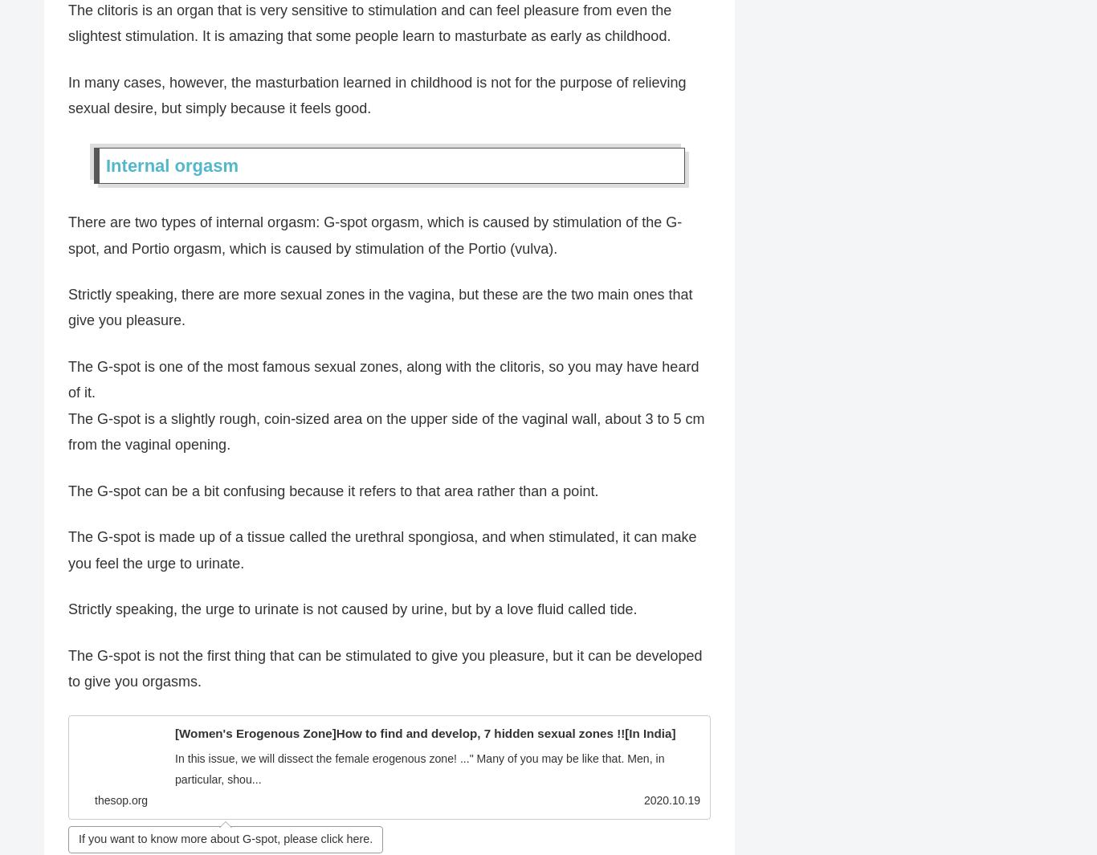 The height and width of the screenshot is (855, 1097). What do you see at coordinates (375, 234) in the screenshot?
I see `'There are two types of internal orgasm: G-spot orgasm, which is caused by stimulation of the G-spot, and Portio orgasm, which is caused by stimulation of the Portio (vulva).'` at bounding box center [375, 234].